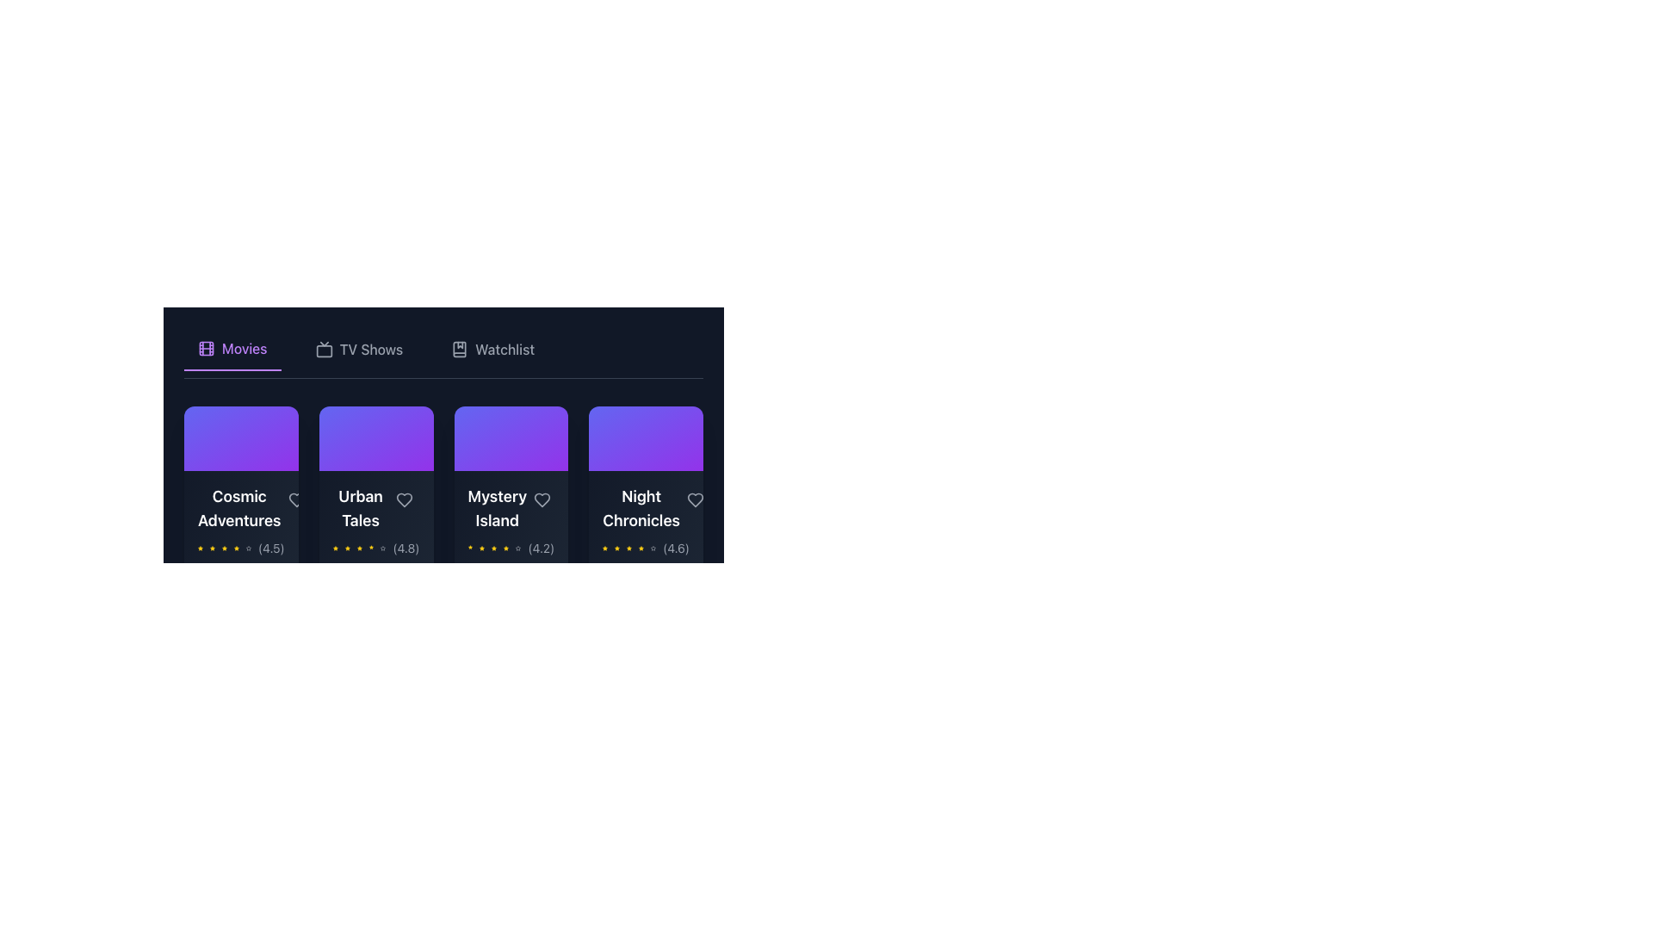  I want to click on the card associated with the title displayed in the text label located below the purple image section and above the rating indicator in the second card, so click(360, 507).